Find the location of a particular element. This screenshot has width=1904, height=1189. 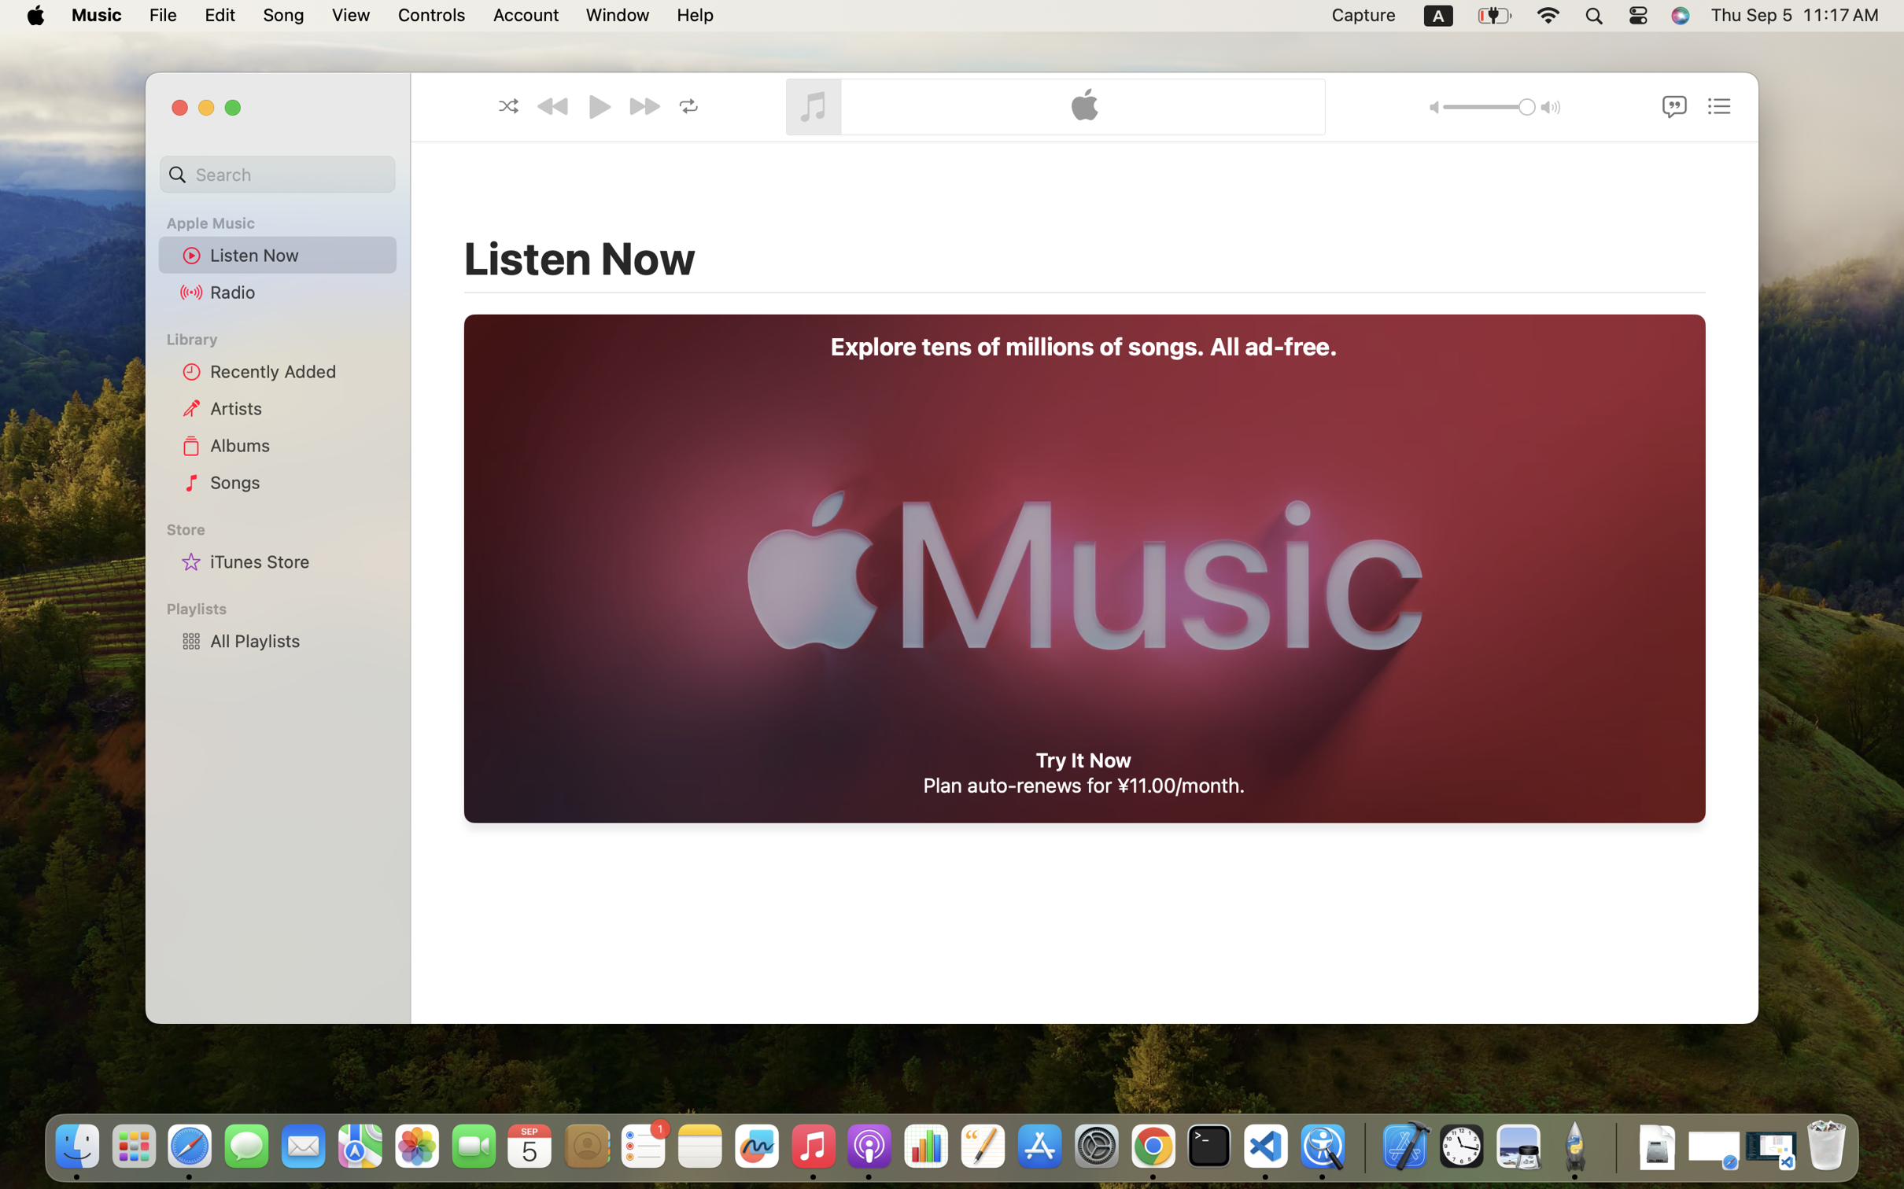

'Songs' is located at coordinates (298, 481).